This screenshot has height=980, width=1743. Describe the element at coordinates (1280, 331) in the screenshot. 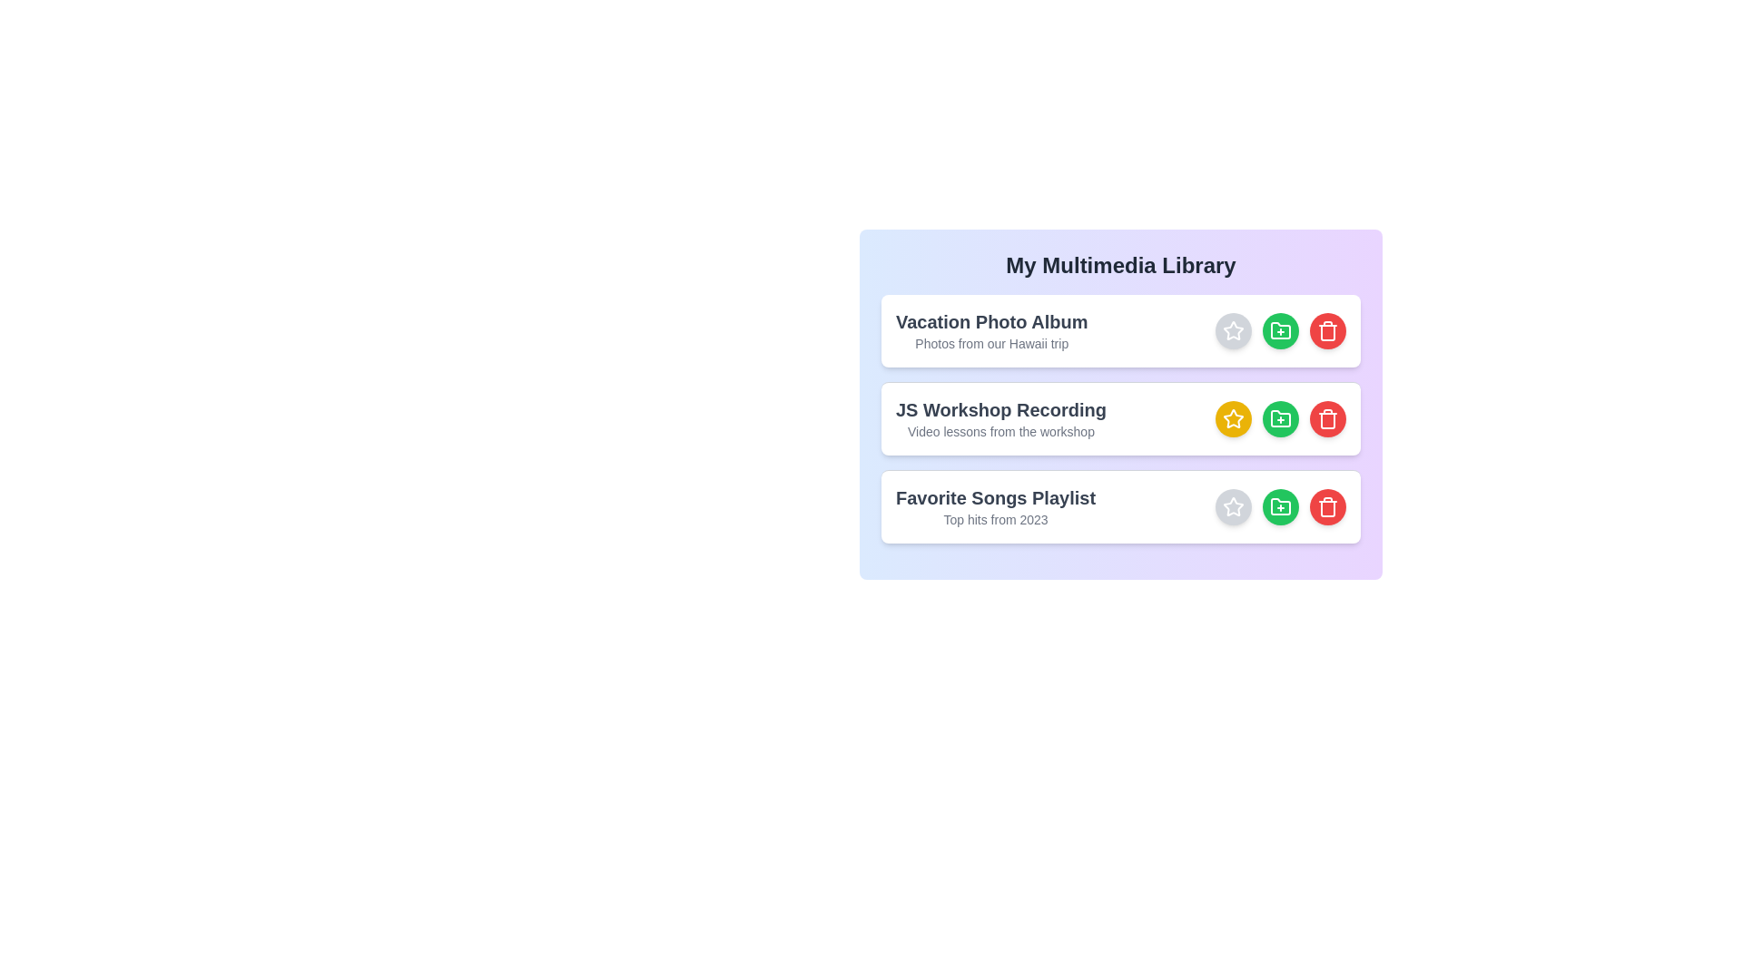

I see `the icon button located at the right end of the 'Vacation Photo Album' list item to create a new folder or add the current item to a folder` at that location.